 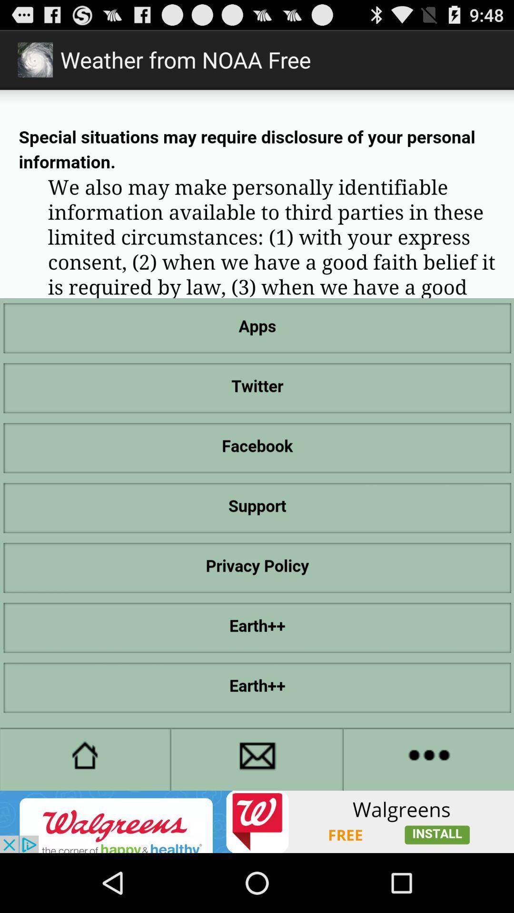 What do you see at coordinates (257, 821) in the screenshot?
I see `bit news` at bounding box center [257, 821].